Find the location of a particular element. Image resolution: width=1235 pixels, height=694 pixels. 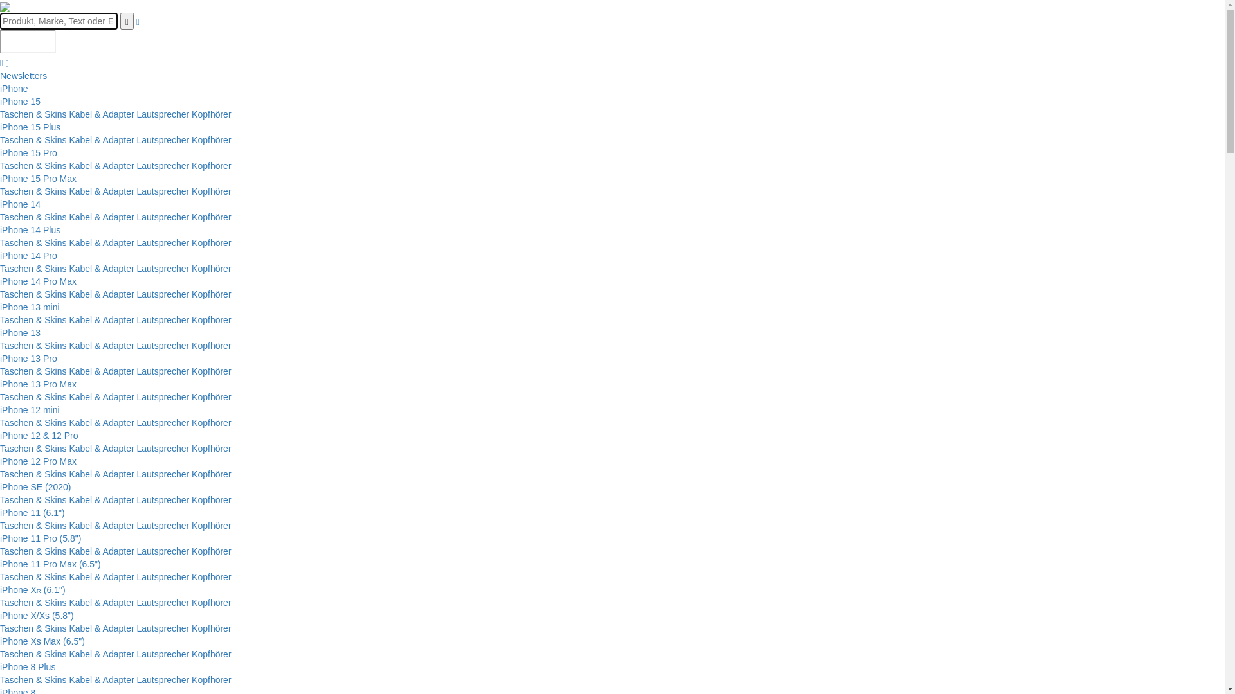

'iPhone 13 mini' is located at coordinates (30, 307).